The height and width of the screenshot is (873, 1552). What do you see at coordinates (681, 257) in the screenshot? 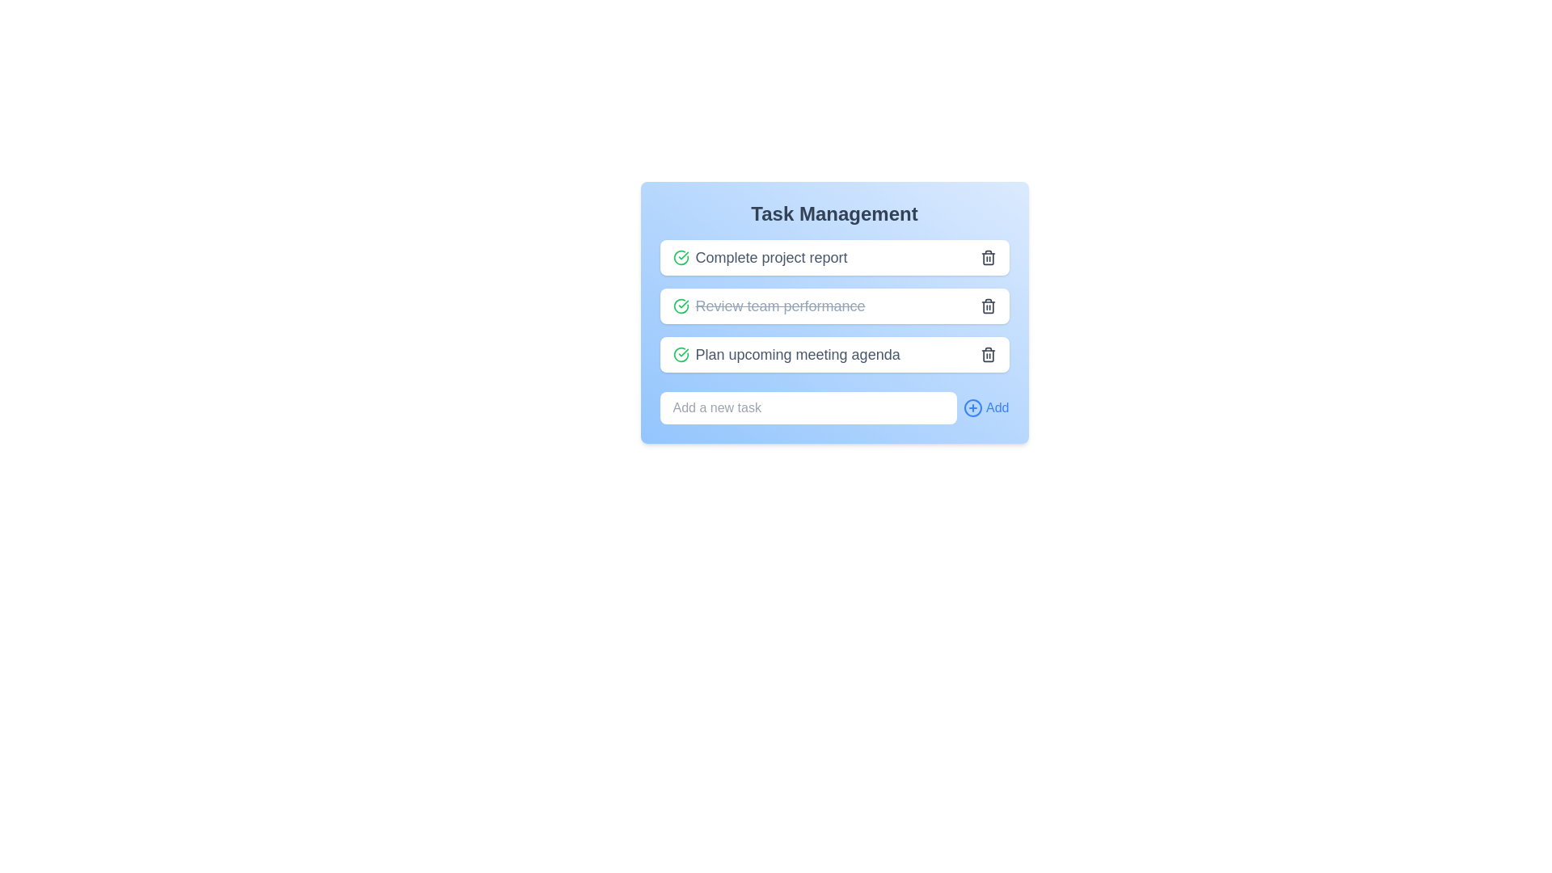
I see `the check icon representing the completed status for the 'Complete project report' task in the first task row` at bounding box center [681, 257].